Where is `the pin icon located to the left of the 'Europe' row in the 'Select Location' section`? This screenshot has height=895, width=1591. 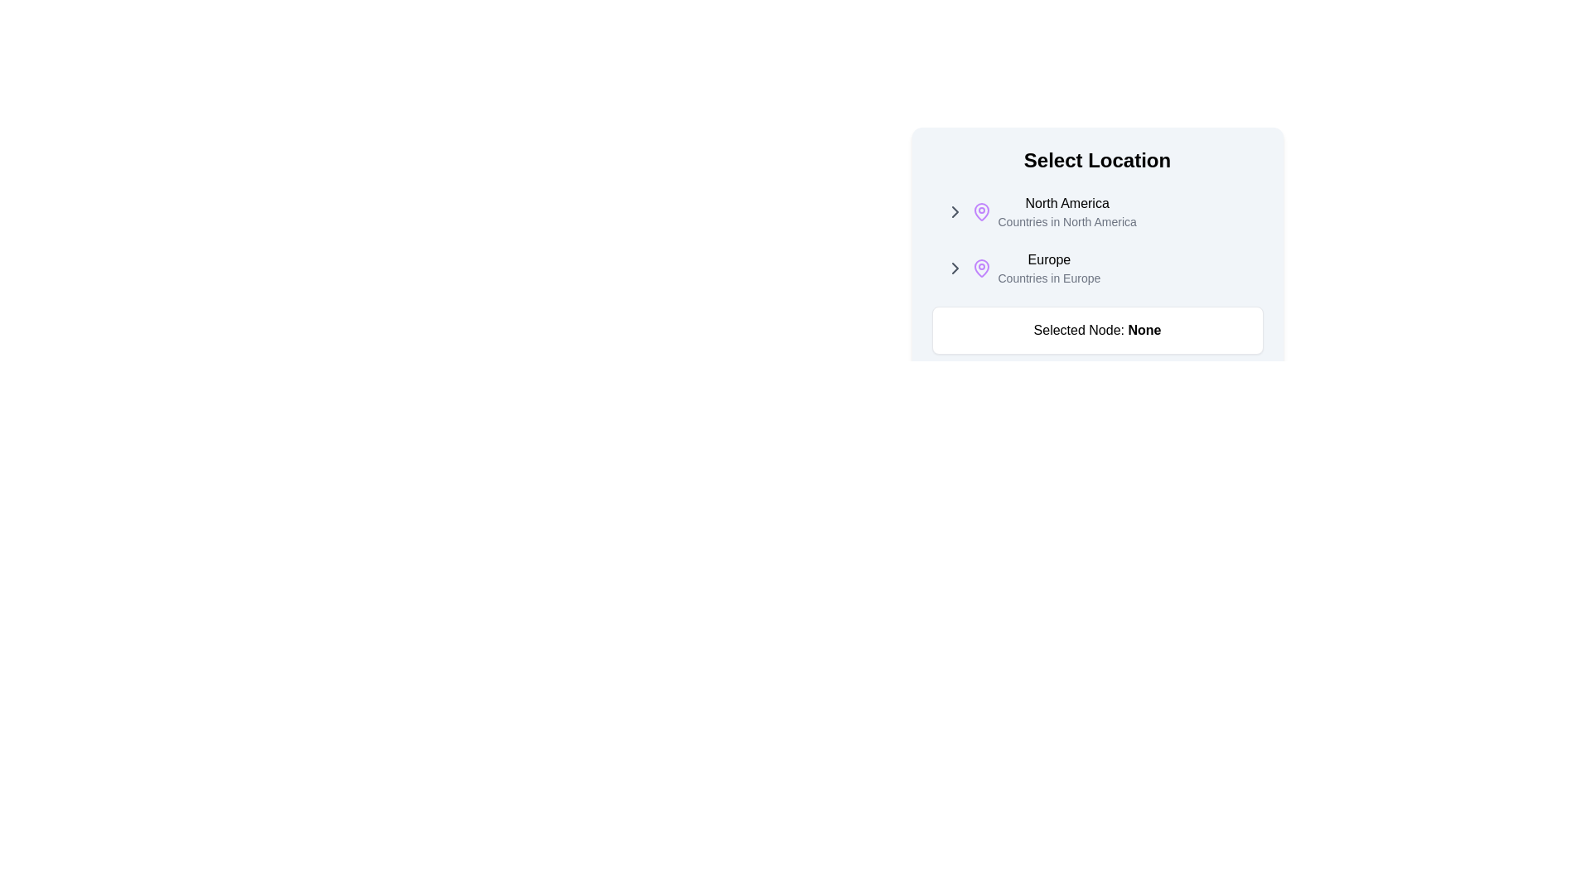
the pin icon located to the left of the 'Europe' row in the 'Select Location' section is located at coordinates (981, 268).